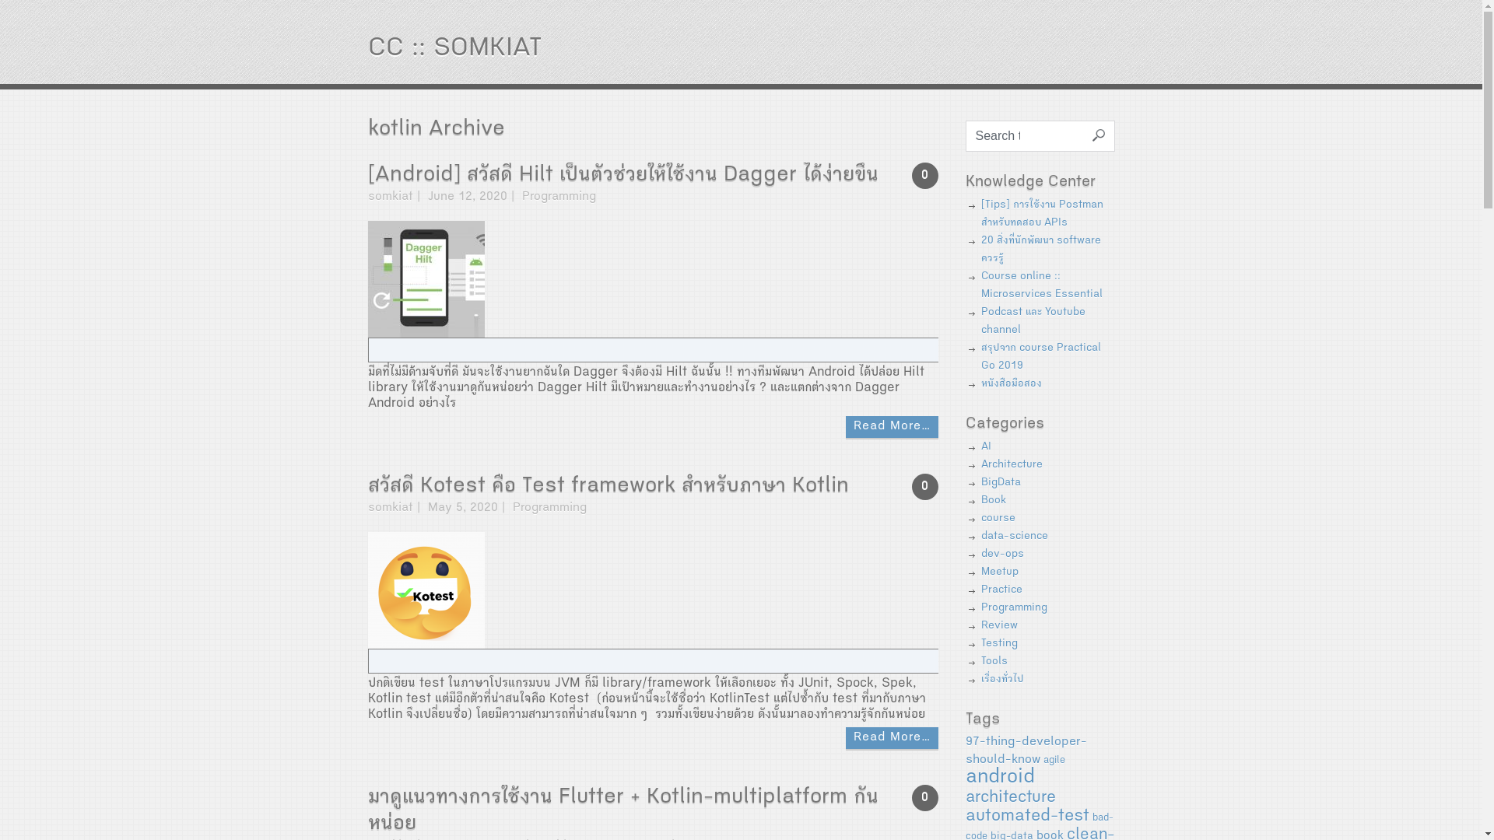  What do you see at coordinates (979, 554) in the screenshot?
I see `'dev-ops'` at bounding box center [979, 554].